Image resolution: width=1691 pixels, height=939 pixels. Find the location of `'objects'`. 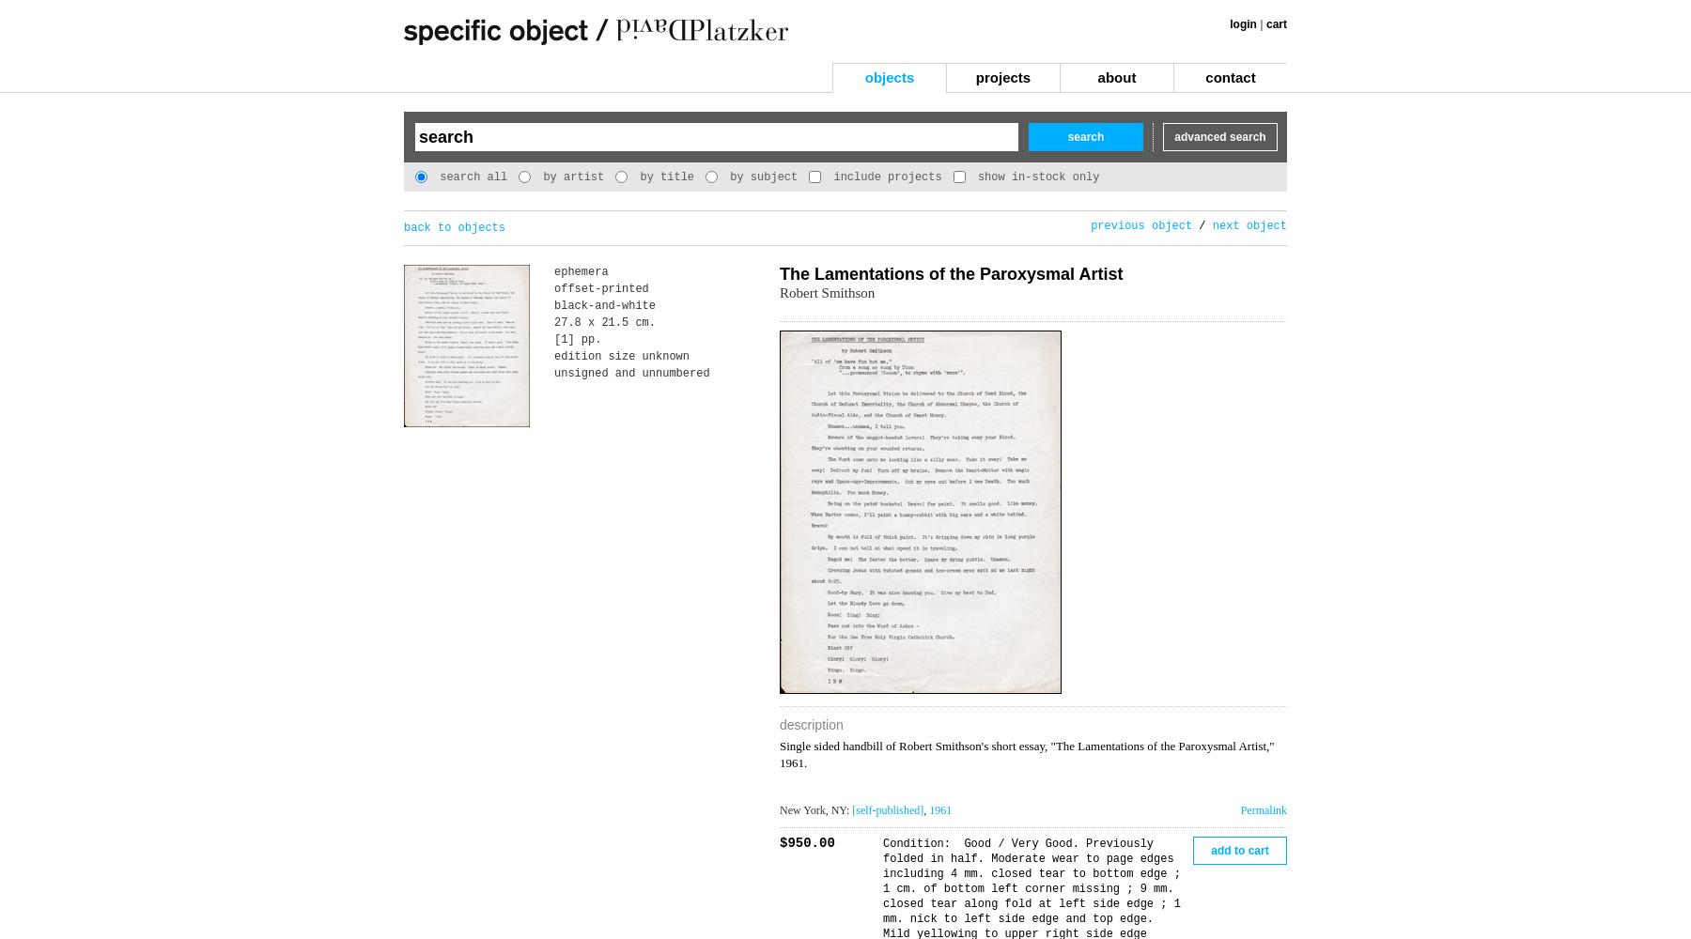

'objects' is located at coordinates (888, 76).